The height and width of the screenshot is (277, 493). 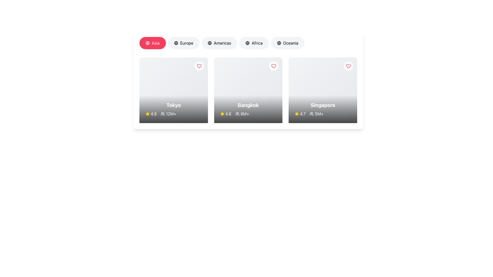 I want to click on the Rating display component for 'Bangkok', which consists of a yellow star icon followed by the numeric text '4.6', located in the middle of a row of cards, specifically positioned on the lower-left side of the card, so click(x=226, y=113).